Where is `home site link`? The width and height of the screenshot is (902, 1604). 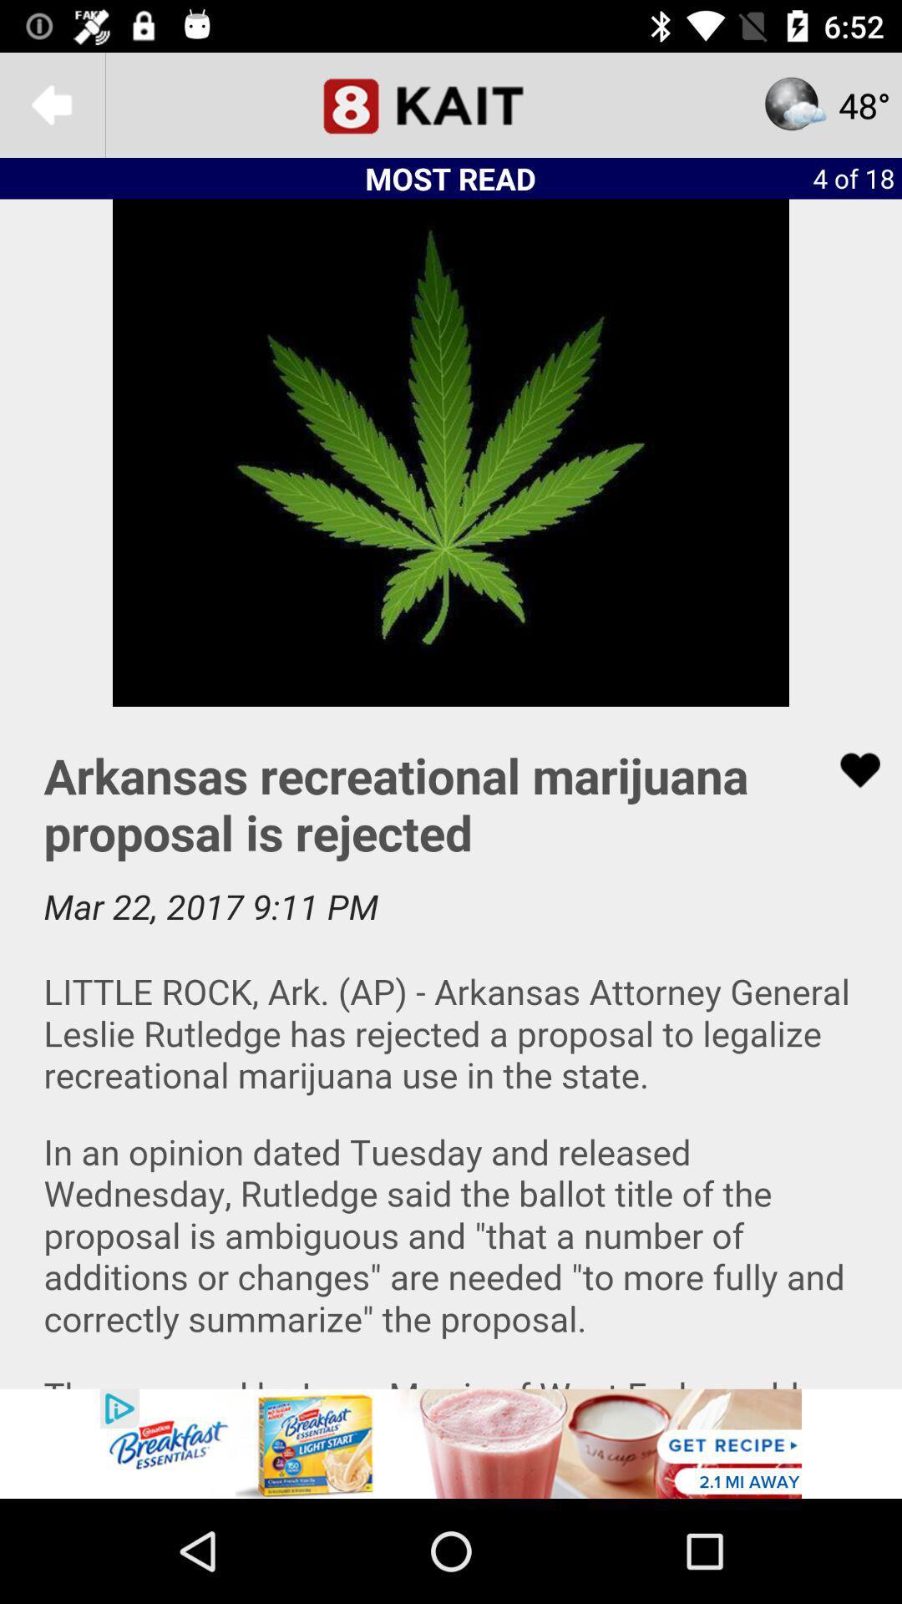
home site link is located at coordinates (451, 104).